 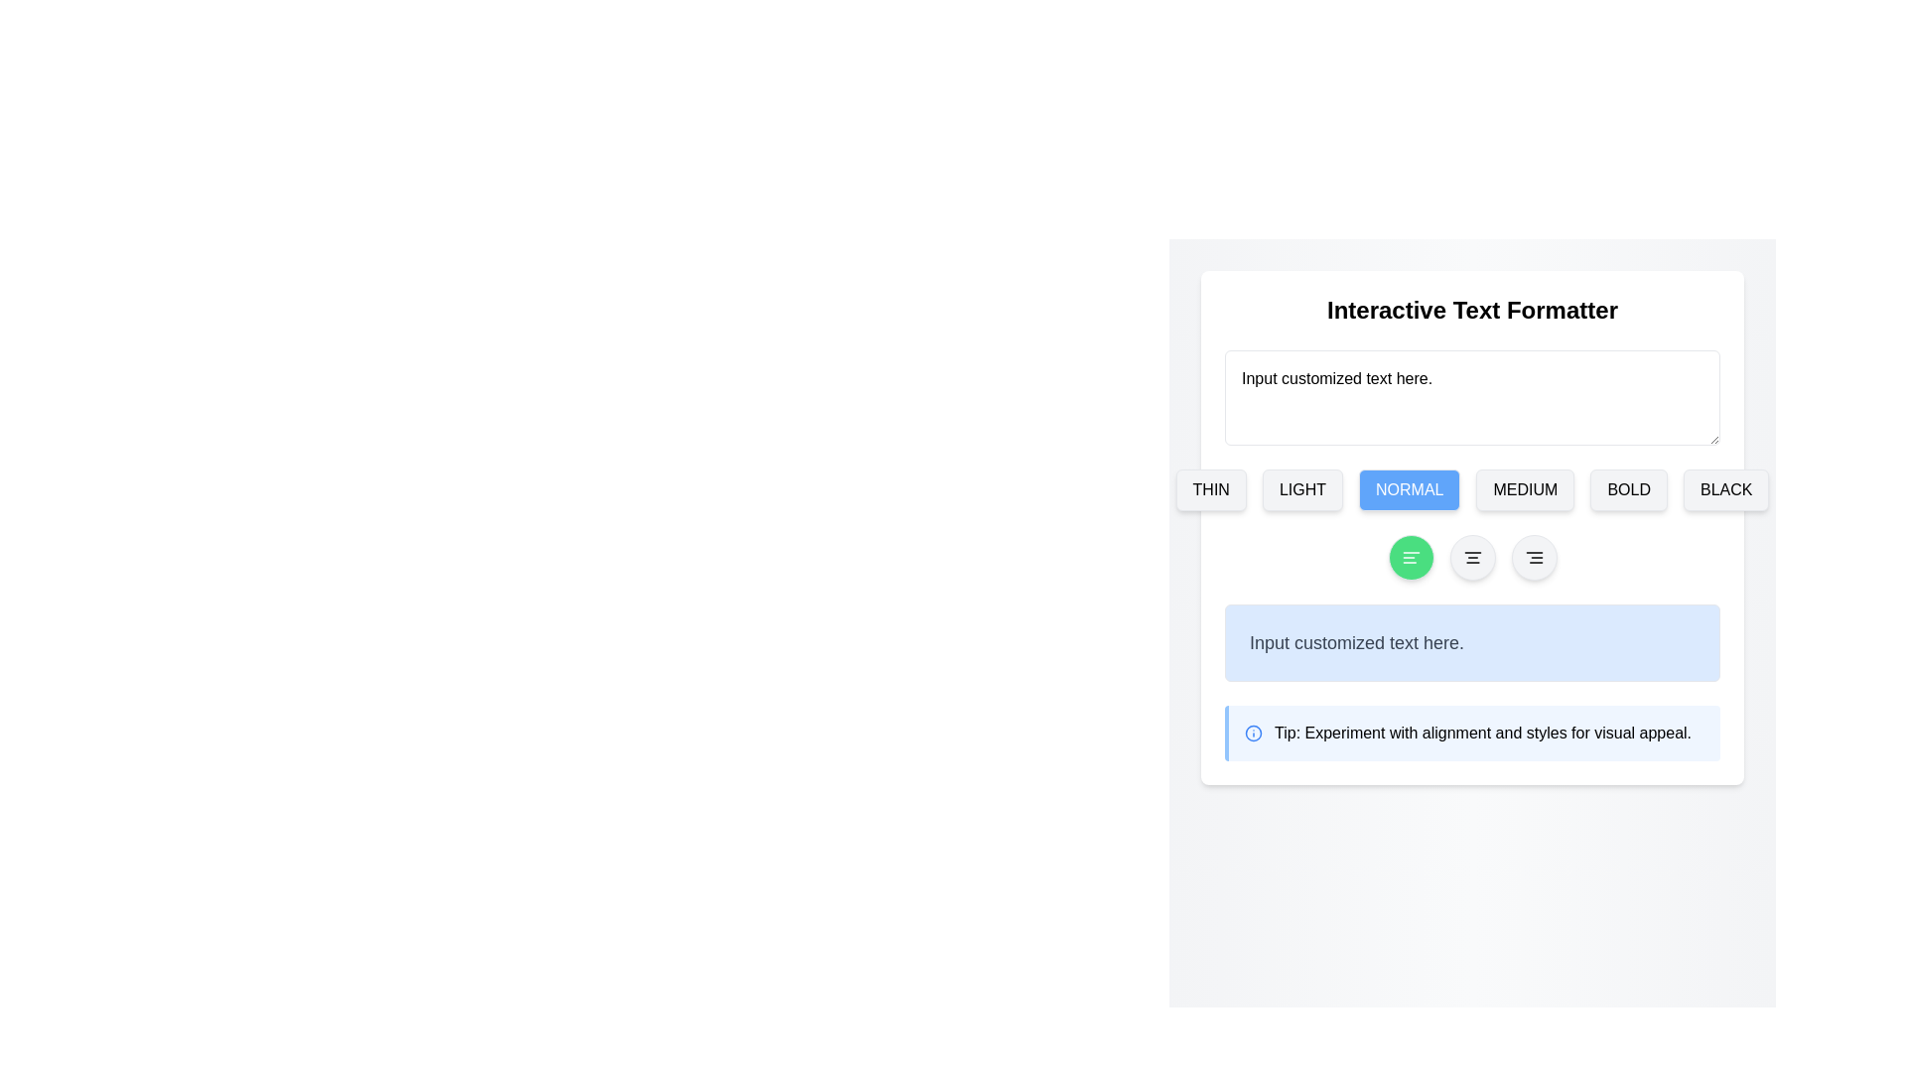 I want to click on the rectangular button labeled 'THIN' with a light gray background to observe any hover response, so click(x=1210, y=489).